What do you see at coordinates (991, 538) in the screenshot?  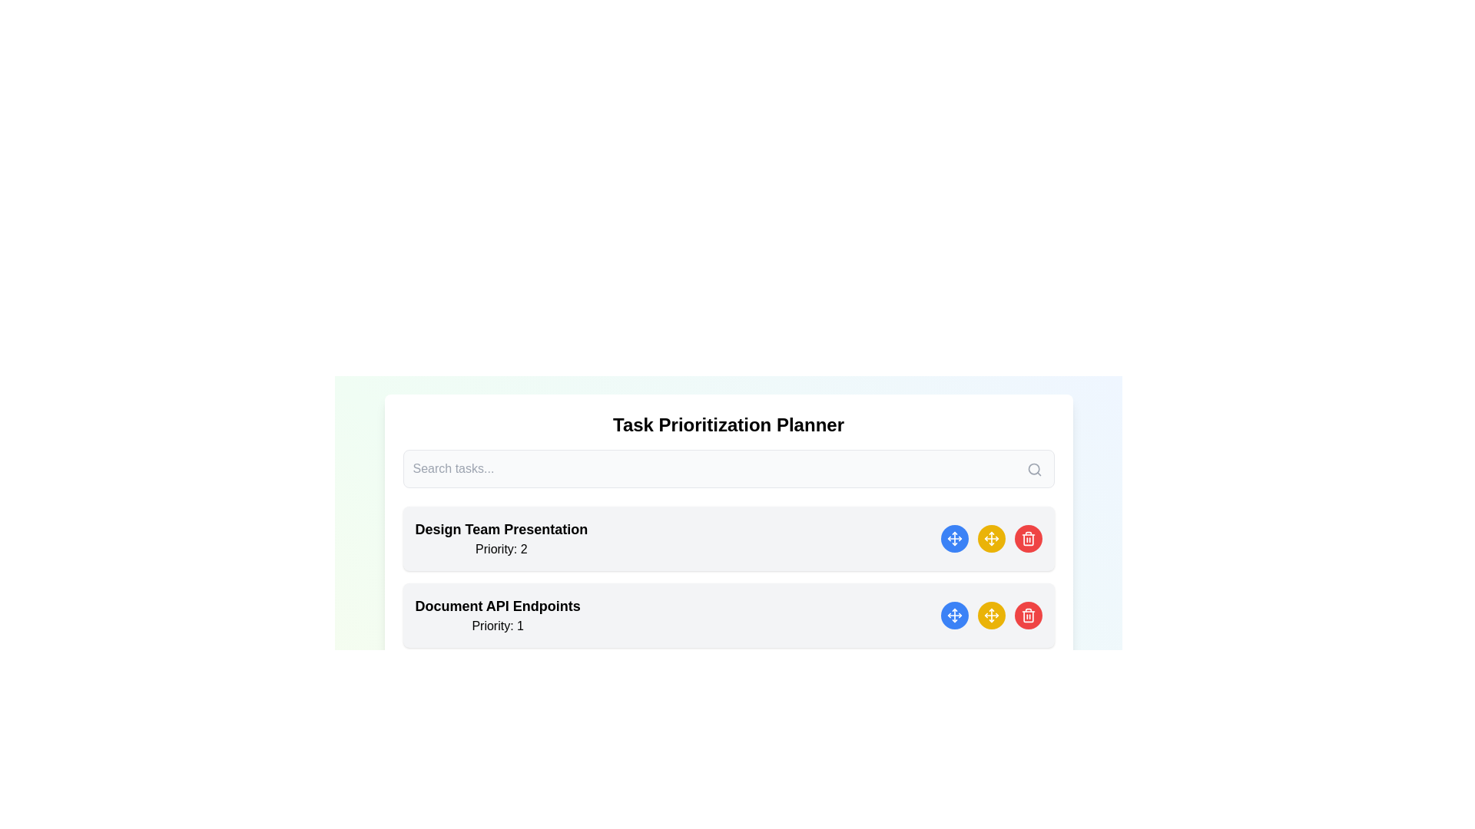 I see `the second circular button in the action group for the 'Design Team Presentation' task` at bounding box center [991, 538].